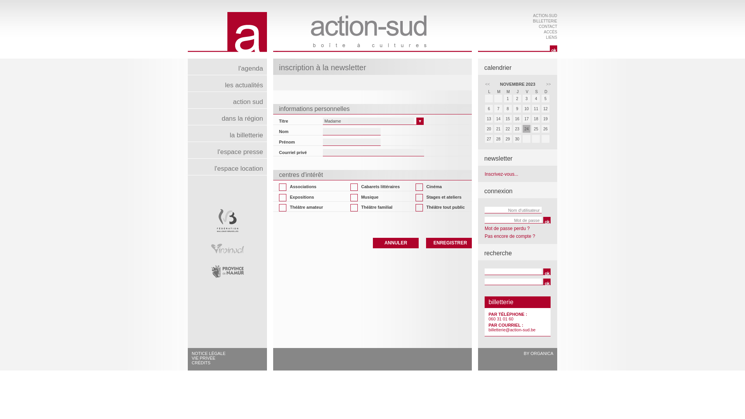 Image resolution: width=745 pixels, height=419 pixels. Describe the element at coordinates (538, 353) in the screenshot. I see `'BY ORGANICA'` at that location.